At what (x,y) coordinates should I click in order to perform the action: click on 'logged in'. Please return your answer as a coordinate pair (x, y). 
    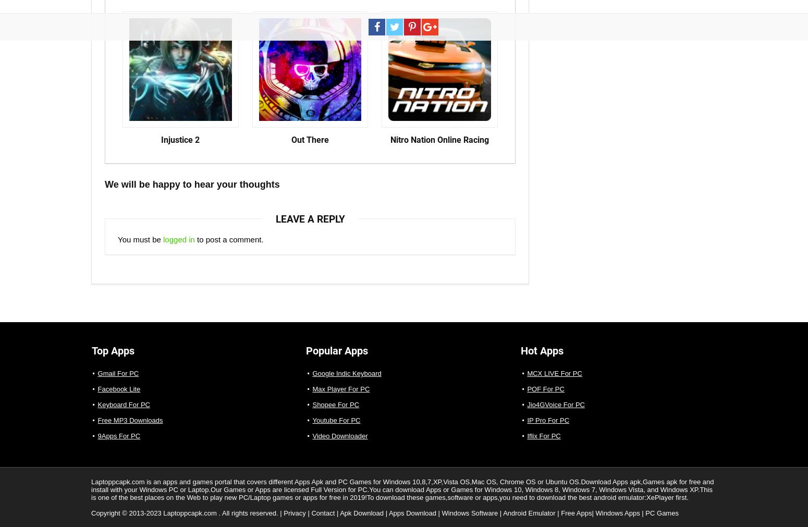
    Looking at the image, I should click on (178, 238).